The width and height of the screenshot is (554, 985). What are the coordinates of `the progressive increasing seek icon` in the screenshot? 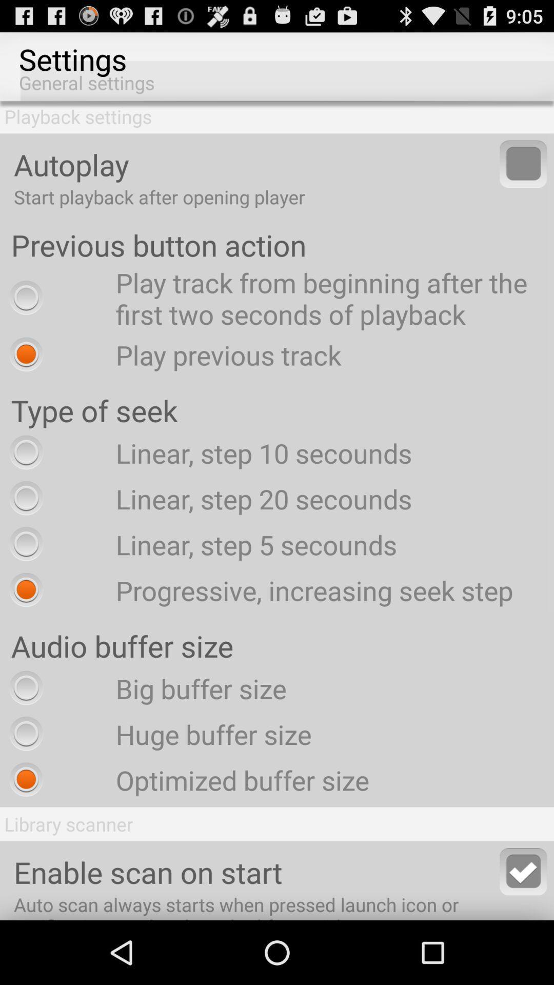 It's located at (258, 590).